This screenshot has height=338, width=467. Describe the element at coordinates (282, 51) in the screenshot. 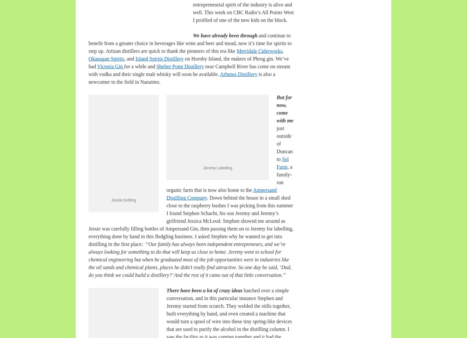

I see `','` at that location.